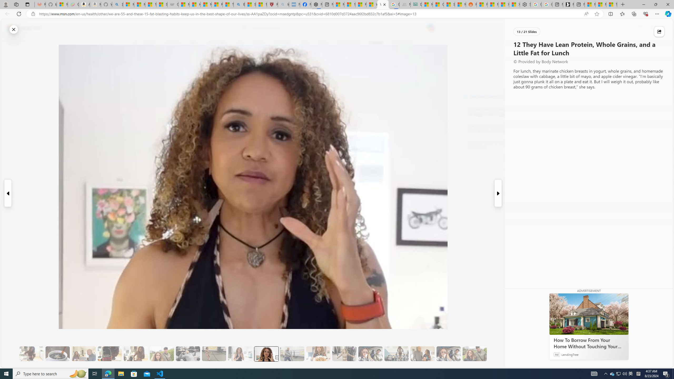 This screenshot has width=674, height=379. I want to click on 'Previous Slide', so click(7, 193).